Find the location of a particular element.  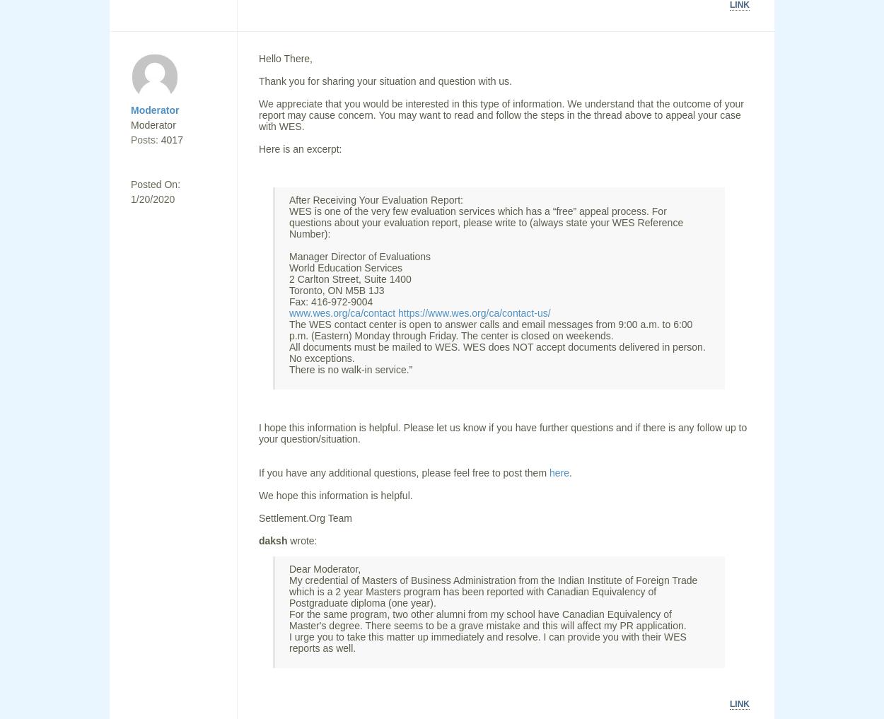

'here' is located at coordinates (549, 472).